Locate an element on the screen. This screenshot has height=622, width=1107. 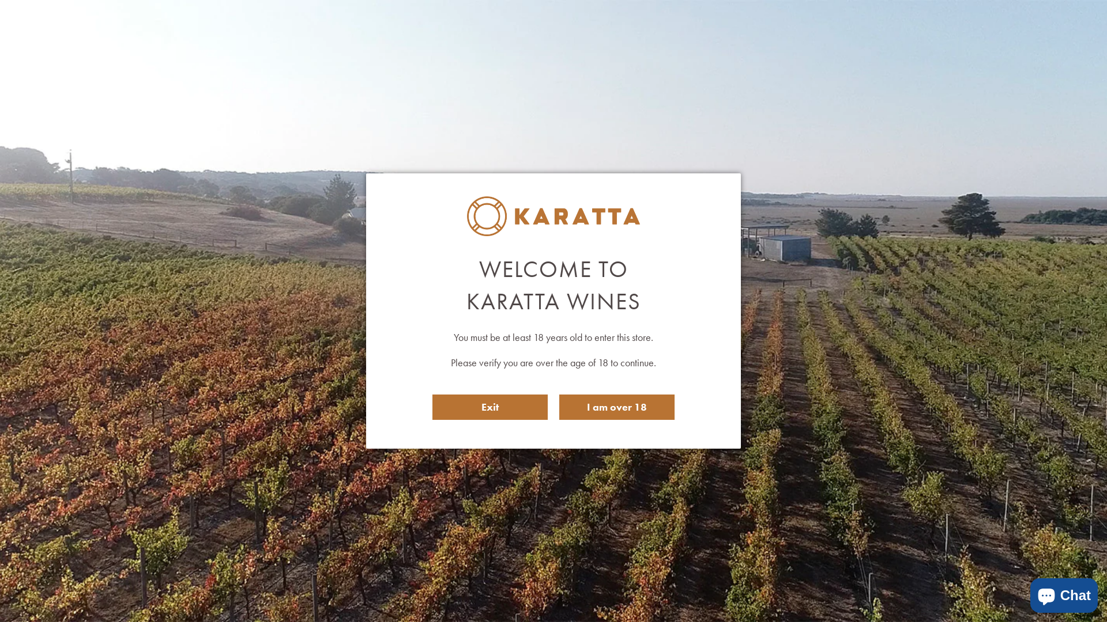
'I am over 18' is located at coordinates (616, 406).